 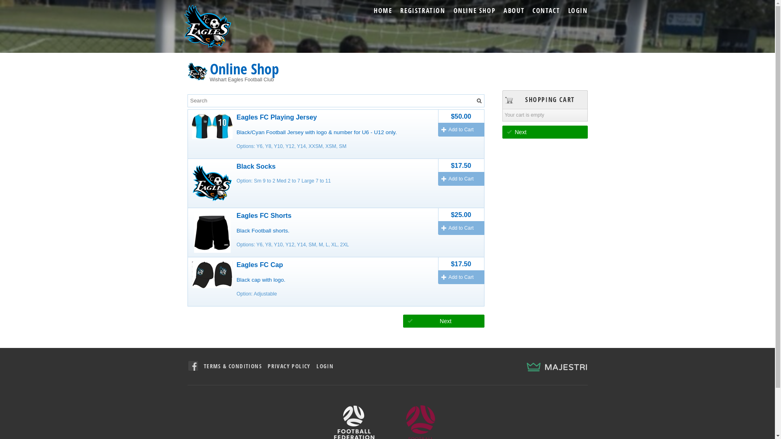 What do you see at coordinates (443, 321) in the screenshot?
I see `'Next'` at bounding box center [443, 321].